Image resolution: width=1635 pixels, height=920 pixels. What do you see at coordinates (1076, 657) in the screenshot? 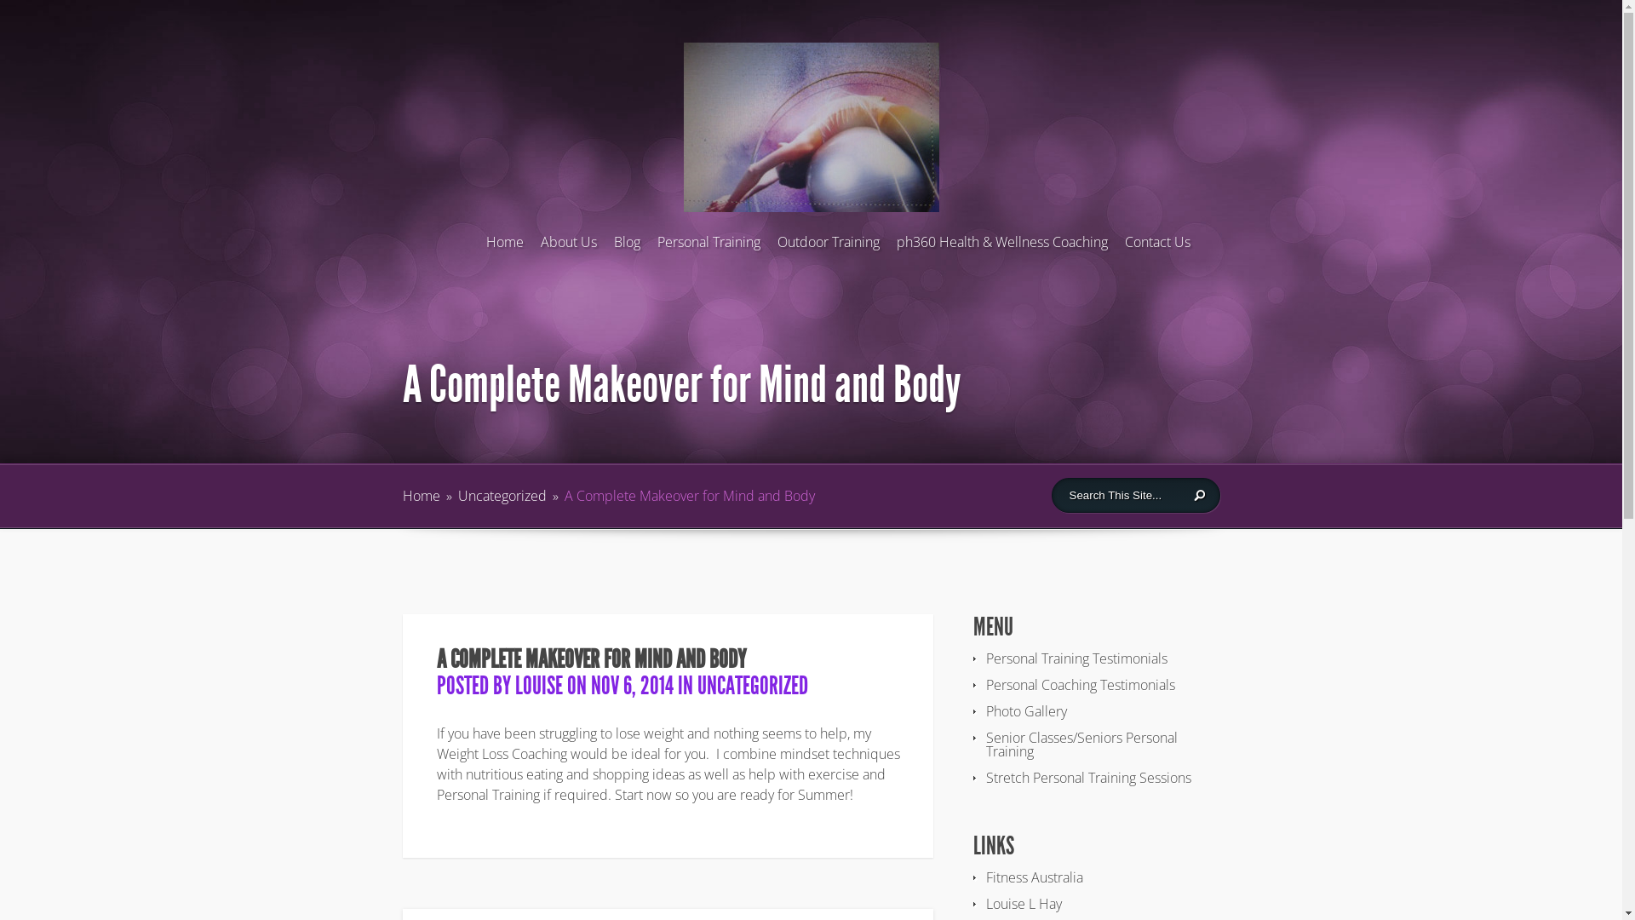
I see `'Personal Training Testimonials'` at bounding box center [1076, 657].